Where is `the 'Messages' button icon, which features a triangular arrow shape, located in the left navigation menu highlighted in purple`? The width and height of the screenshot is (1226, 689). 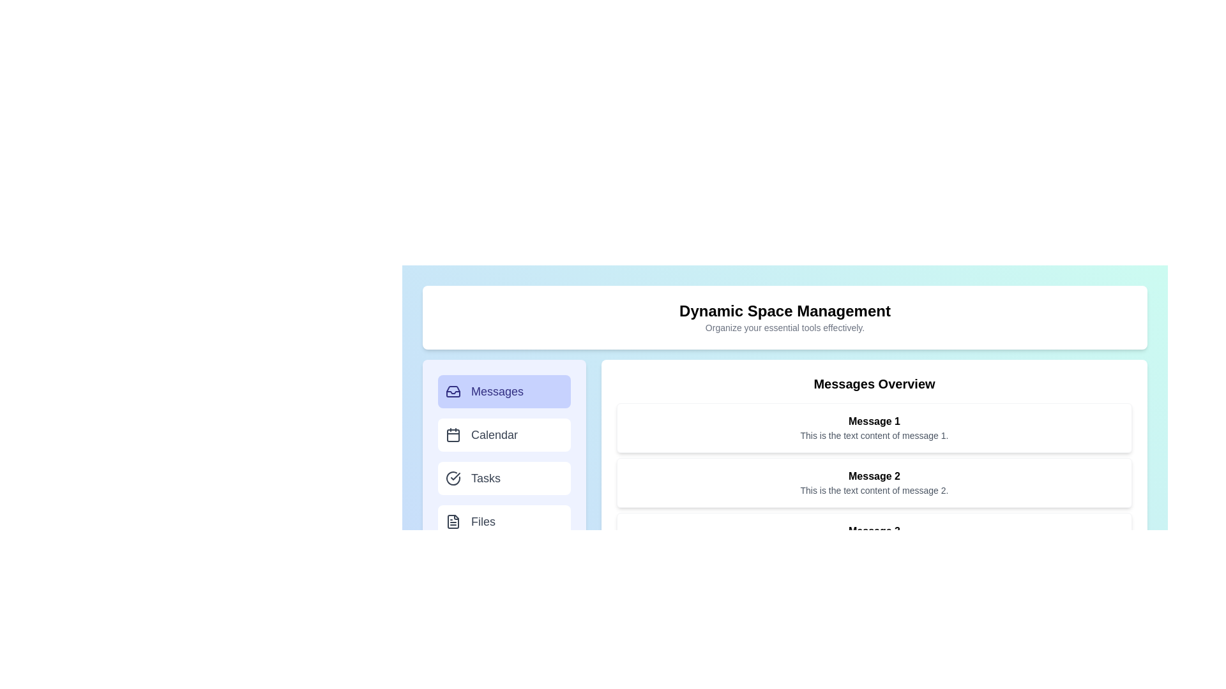 the 'Messages' button icon, which features a triangular arrow shape, located in the left navigation menu highlighted in purple is located at coordinates (453, 391).